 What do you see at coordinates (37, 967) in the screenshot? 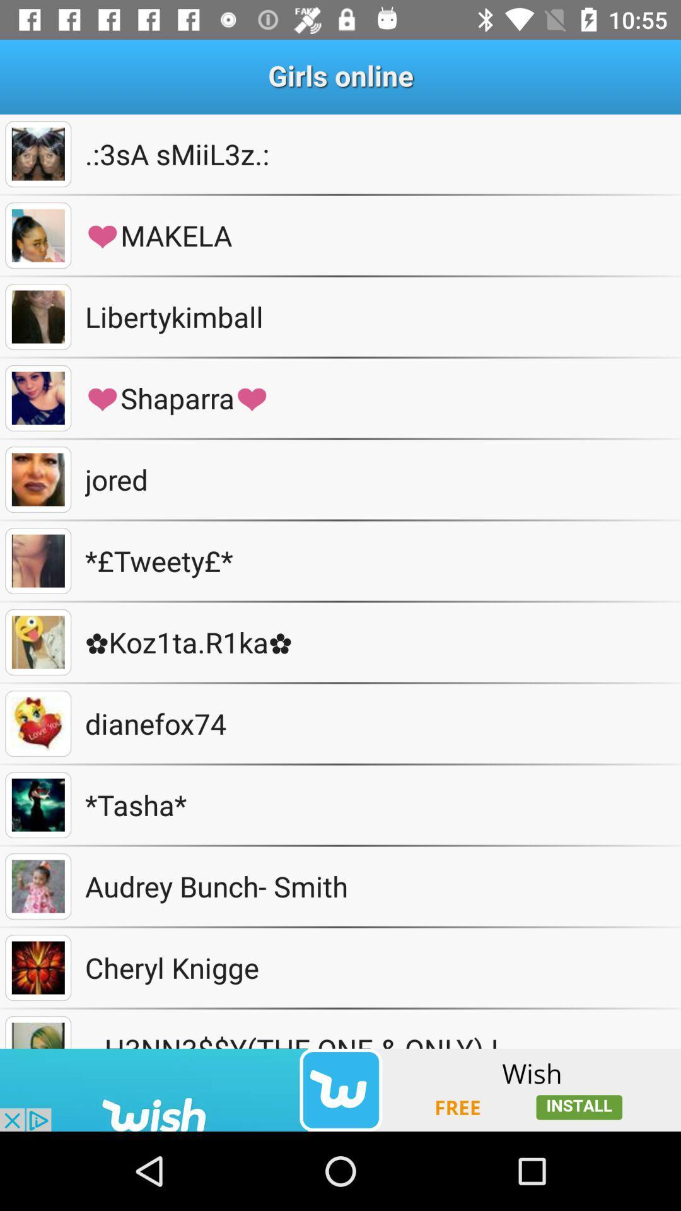
I see `cheryl knigge` at bounding box center [37, 967].